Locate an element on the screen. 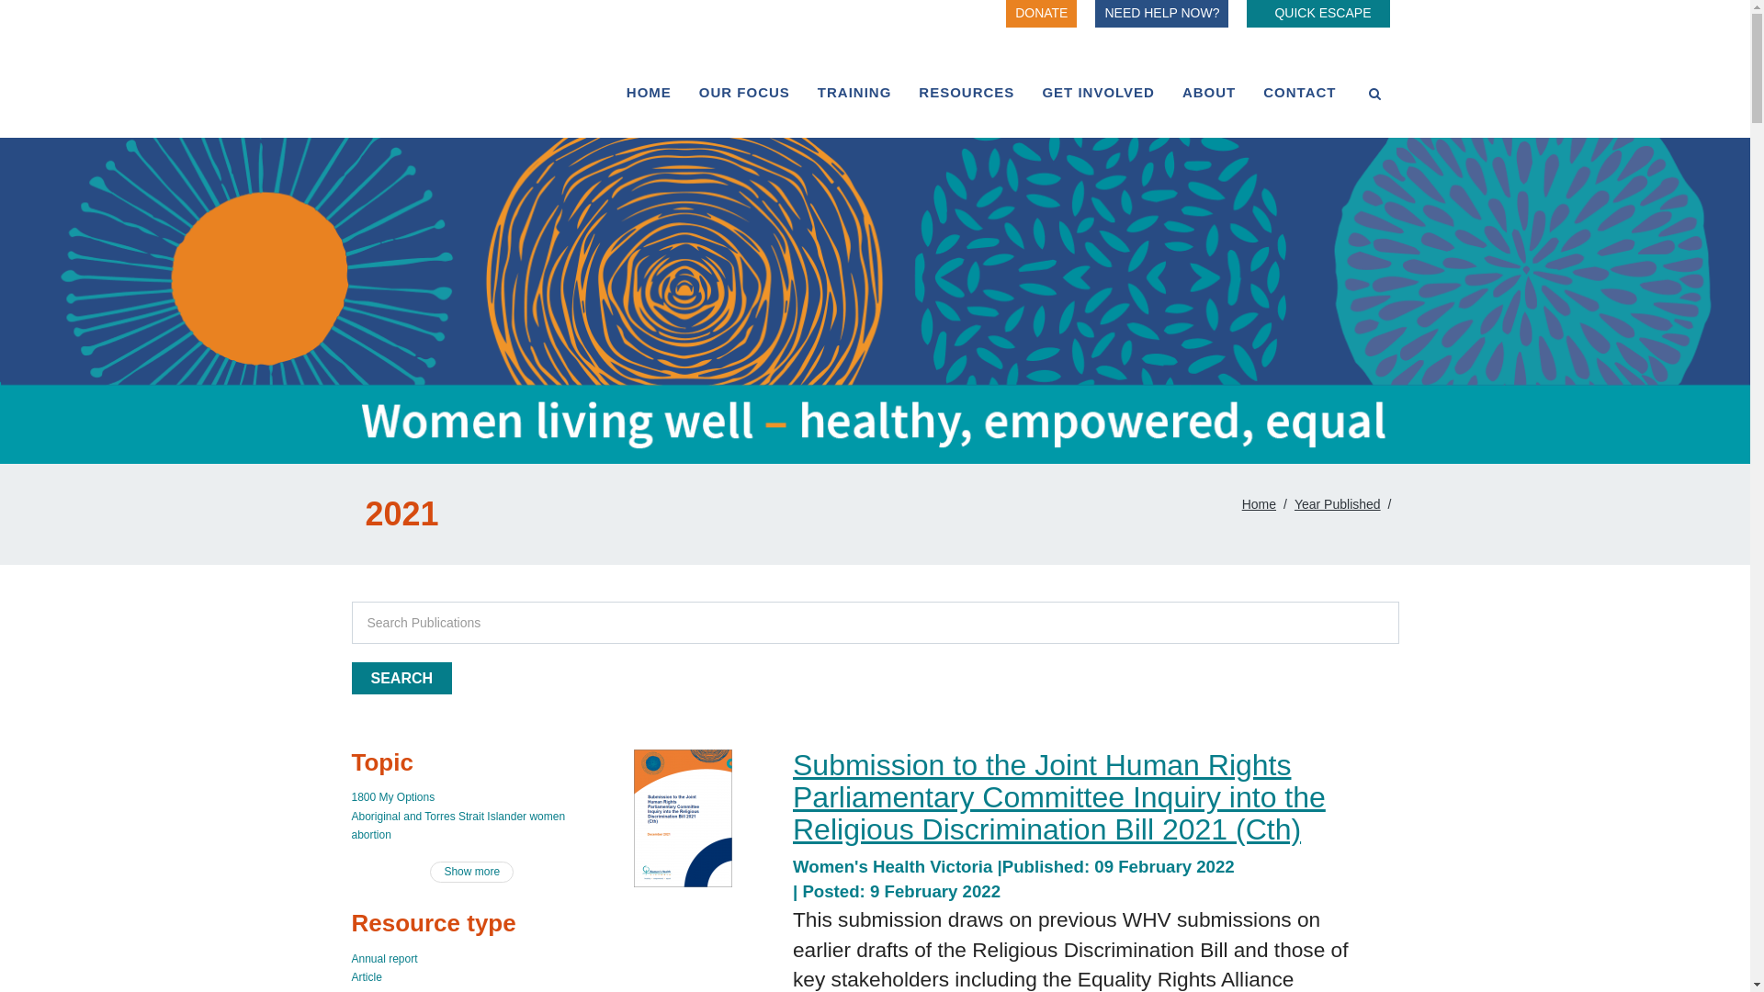 This screenshot has height=992, width=1764. 'GET INVOLVED' is located at coordinates (1026, 92).